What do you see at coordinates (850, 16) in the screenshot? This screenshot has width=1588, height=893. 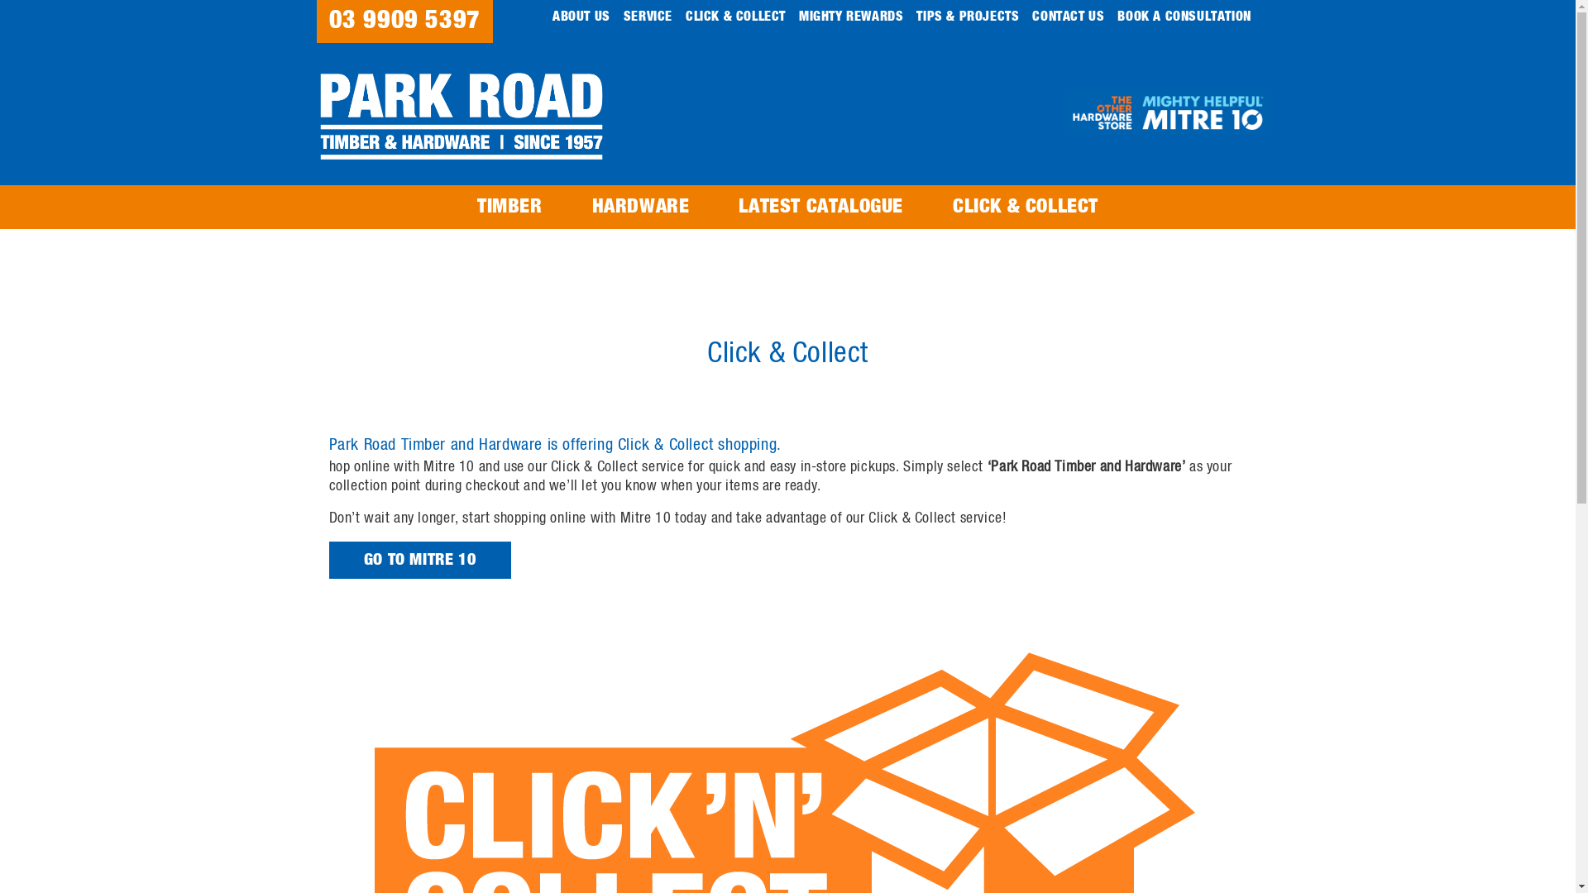 I see `'MIGHTY REWARDS'` at bounding box center [850, 16].